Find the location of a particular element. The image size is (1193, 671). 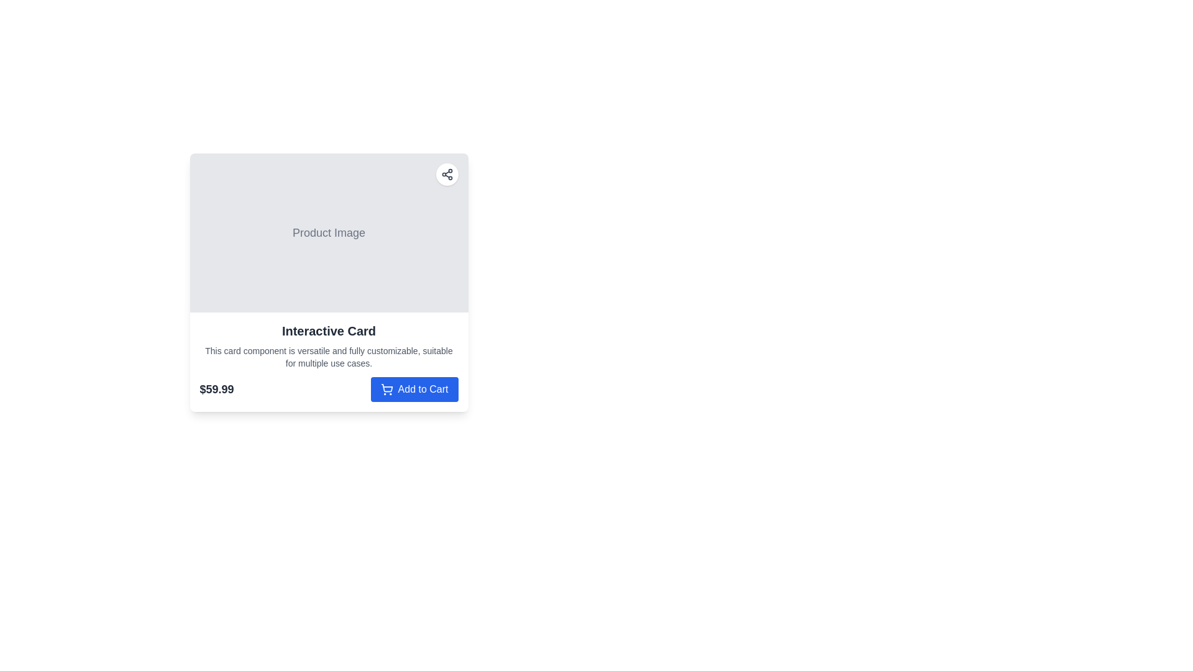

the icon represented by three circles connected by lines forming a triangle-like shape is located at coordinates (447, 175).